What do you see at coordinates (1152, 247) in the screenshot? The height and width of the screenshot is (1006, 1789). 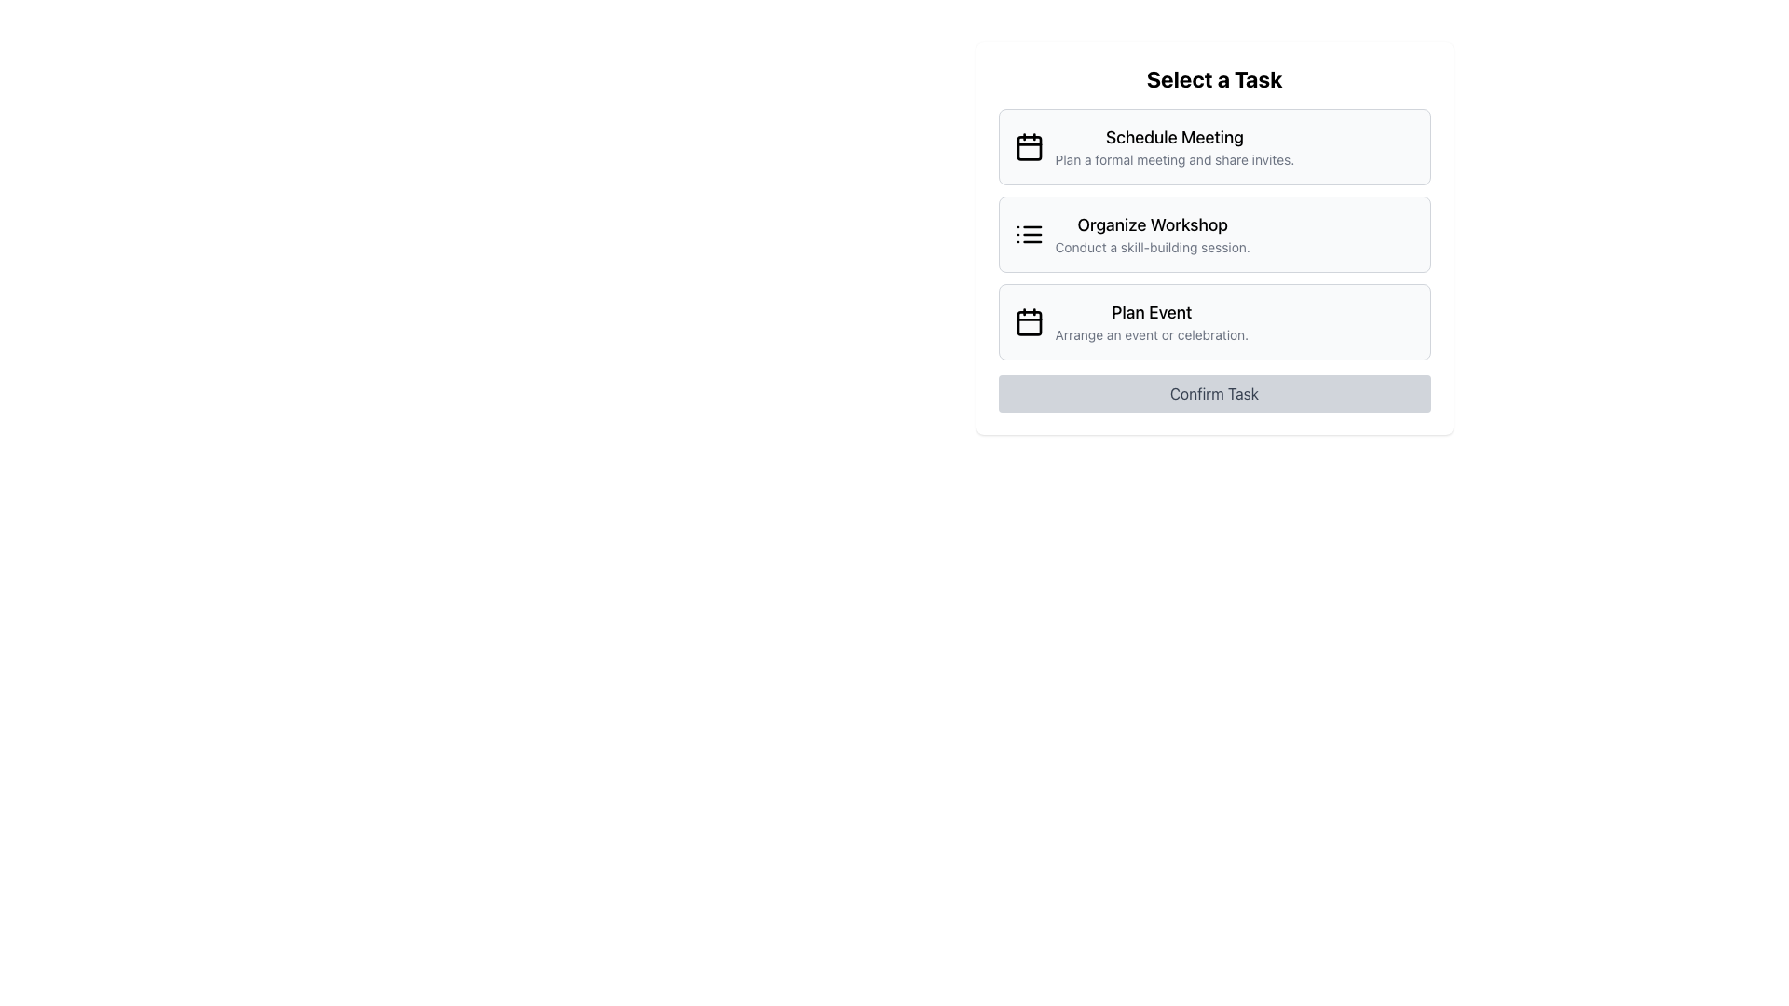 I see `the text label that reads 'Conduct a skill-building session.' which is styled in small gray font and located directly below 'Organize Workshop.'` at bounding box center [1152, 247].